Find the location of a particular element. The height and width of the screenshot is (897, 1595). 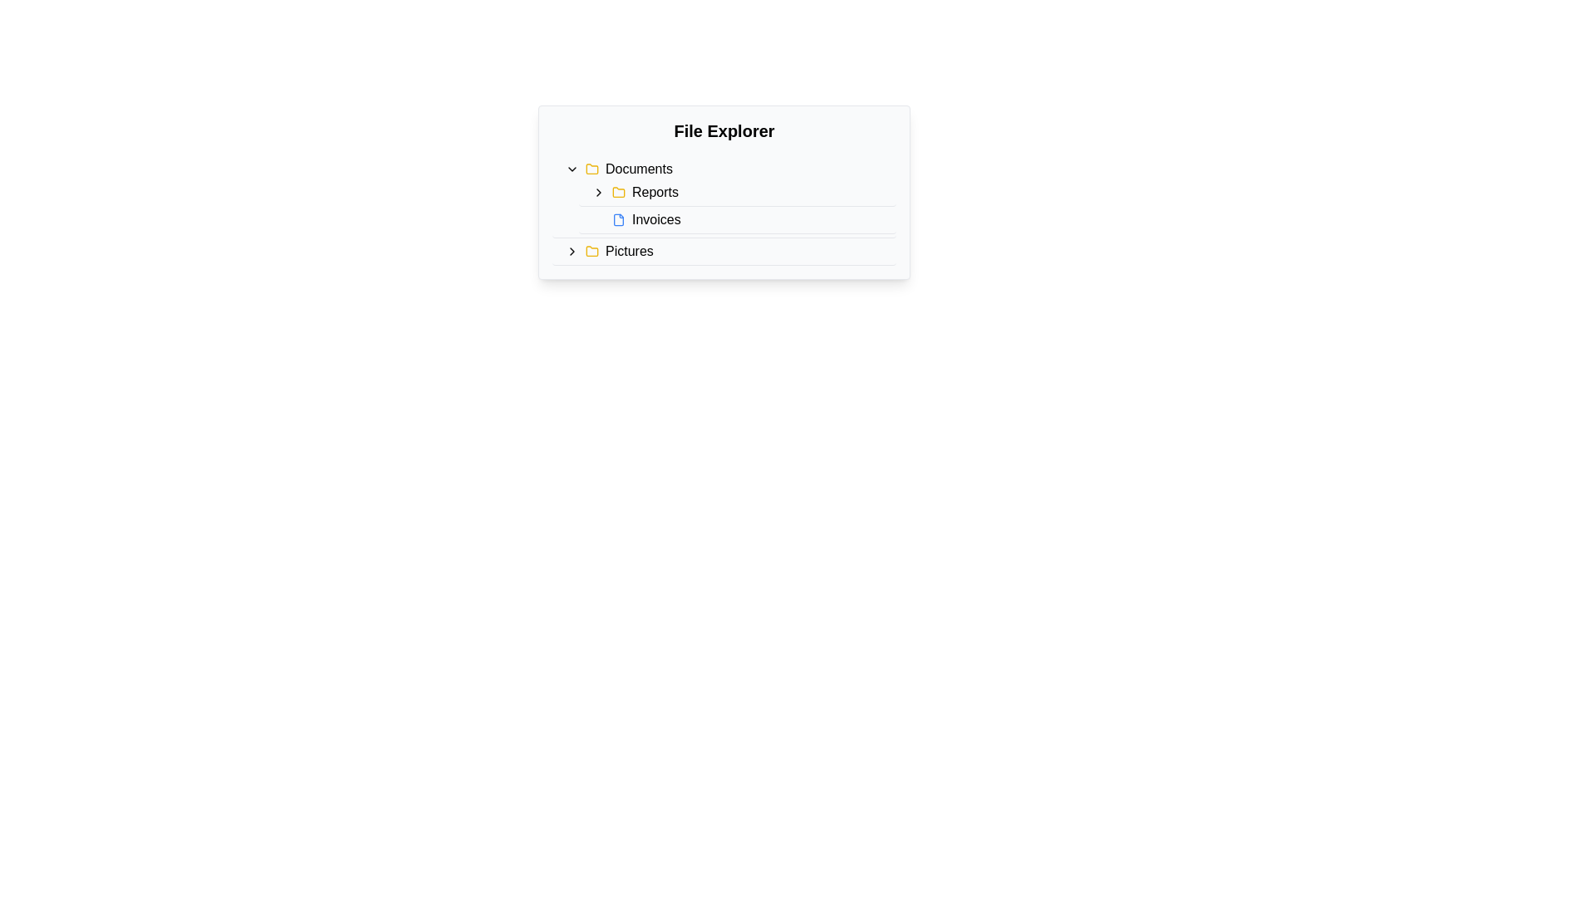

the 'Pictures' folder icon located to the left of the 'Pictures' text in the file explorer is located at coordinates (592, 252).